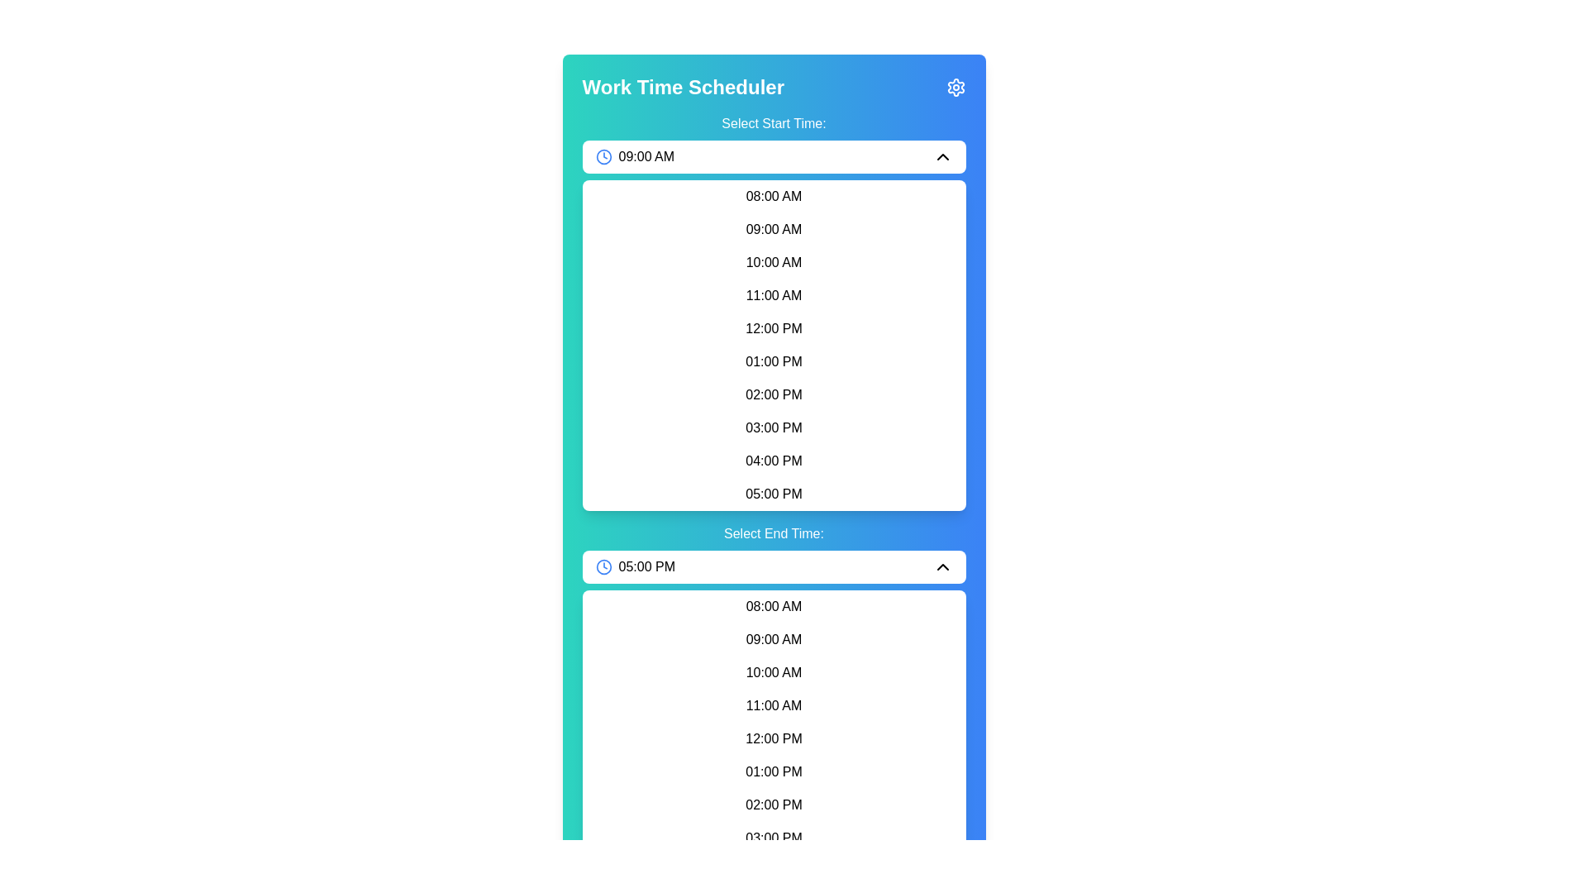 This screenshot has width=1587, height=893. I want to click on the dropdown menu item displaying '08:00 AM', so click(773, 196).